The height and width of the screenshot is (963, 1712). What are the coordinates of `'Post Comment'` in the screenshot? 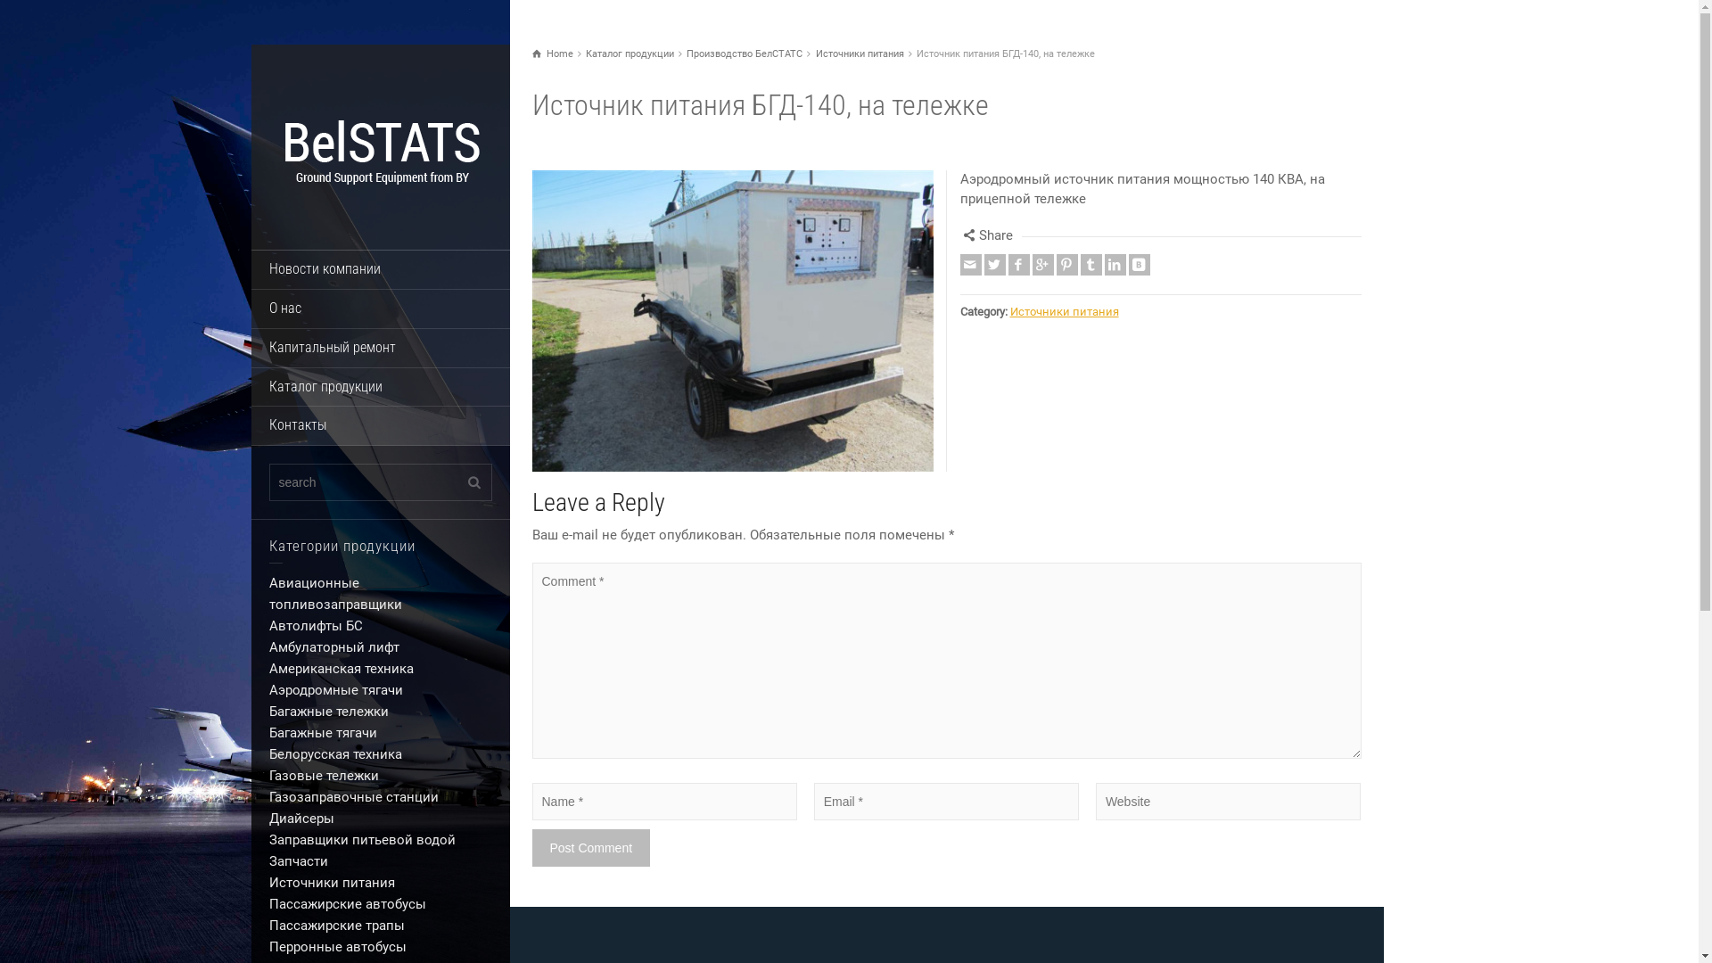 It's located at (590, 847).